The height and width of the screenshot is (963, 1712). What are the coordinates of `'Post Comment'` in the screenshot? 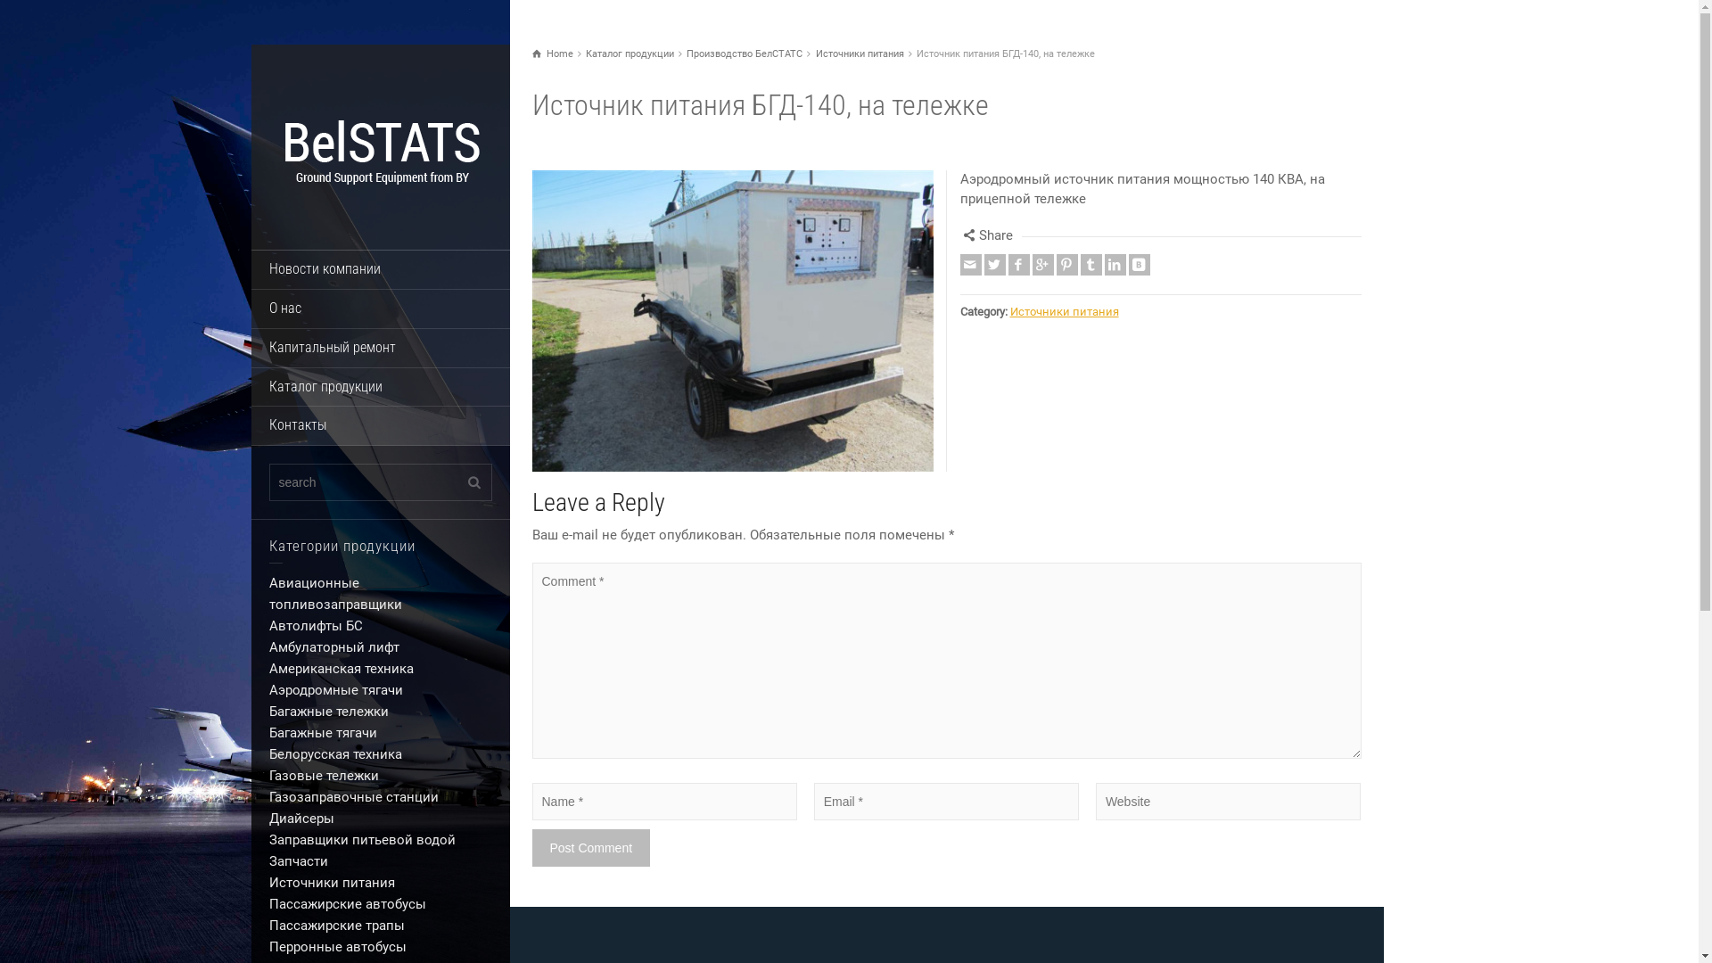 It's located at (590, 847).